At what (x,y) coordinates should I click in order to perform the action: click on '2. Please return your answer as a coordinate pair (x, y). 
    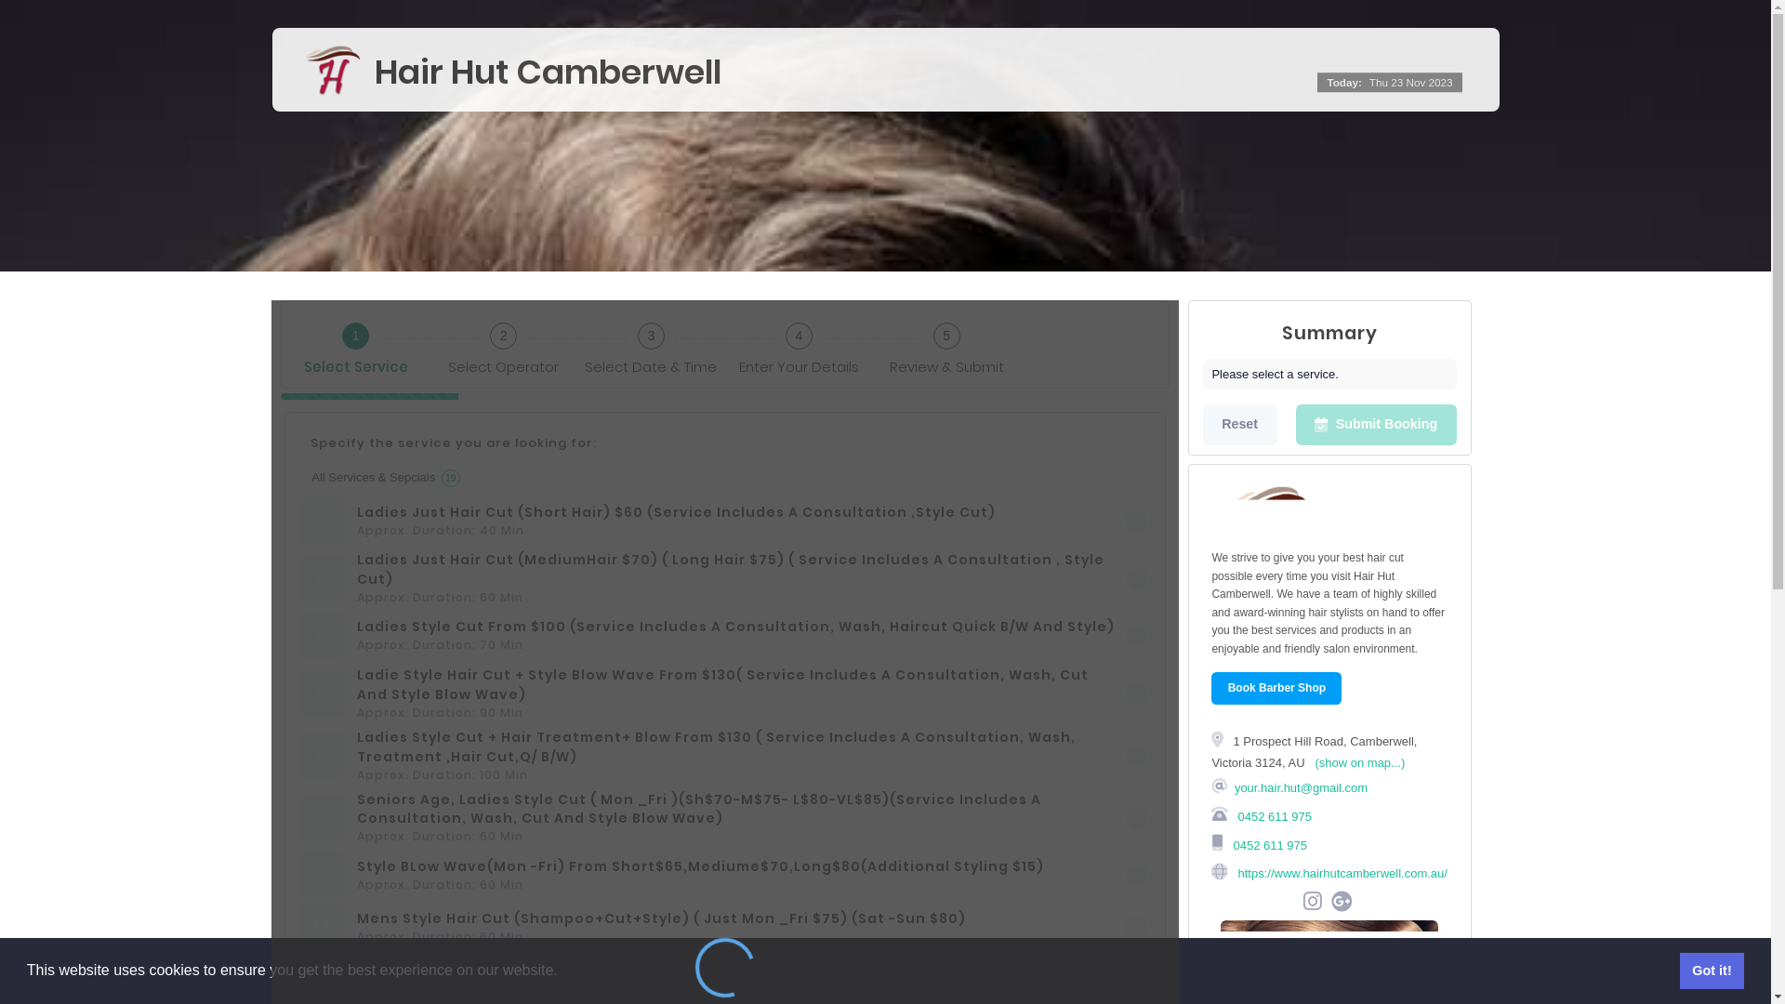
    Looking at the image, I should click on (503, 344).